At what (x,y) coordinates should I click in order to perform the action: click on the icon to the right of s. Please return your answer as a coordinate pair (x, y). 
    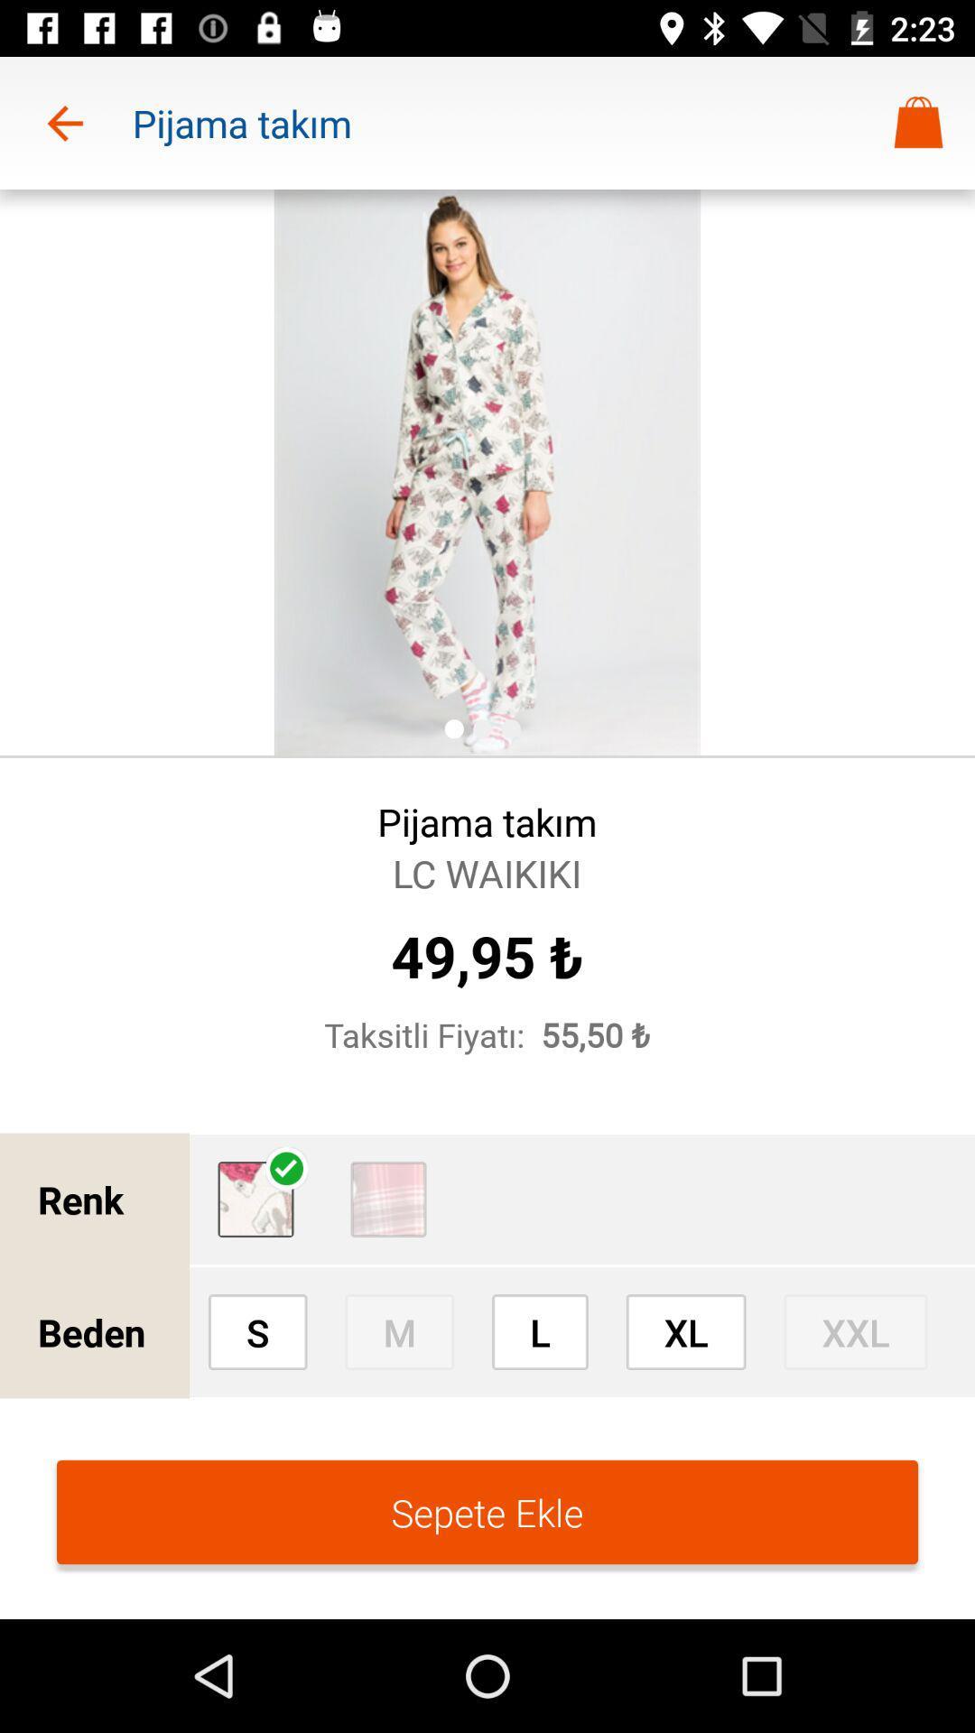
    Looking at the image, I should click on (398, 1331).